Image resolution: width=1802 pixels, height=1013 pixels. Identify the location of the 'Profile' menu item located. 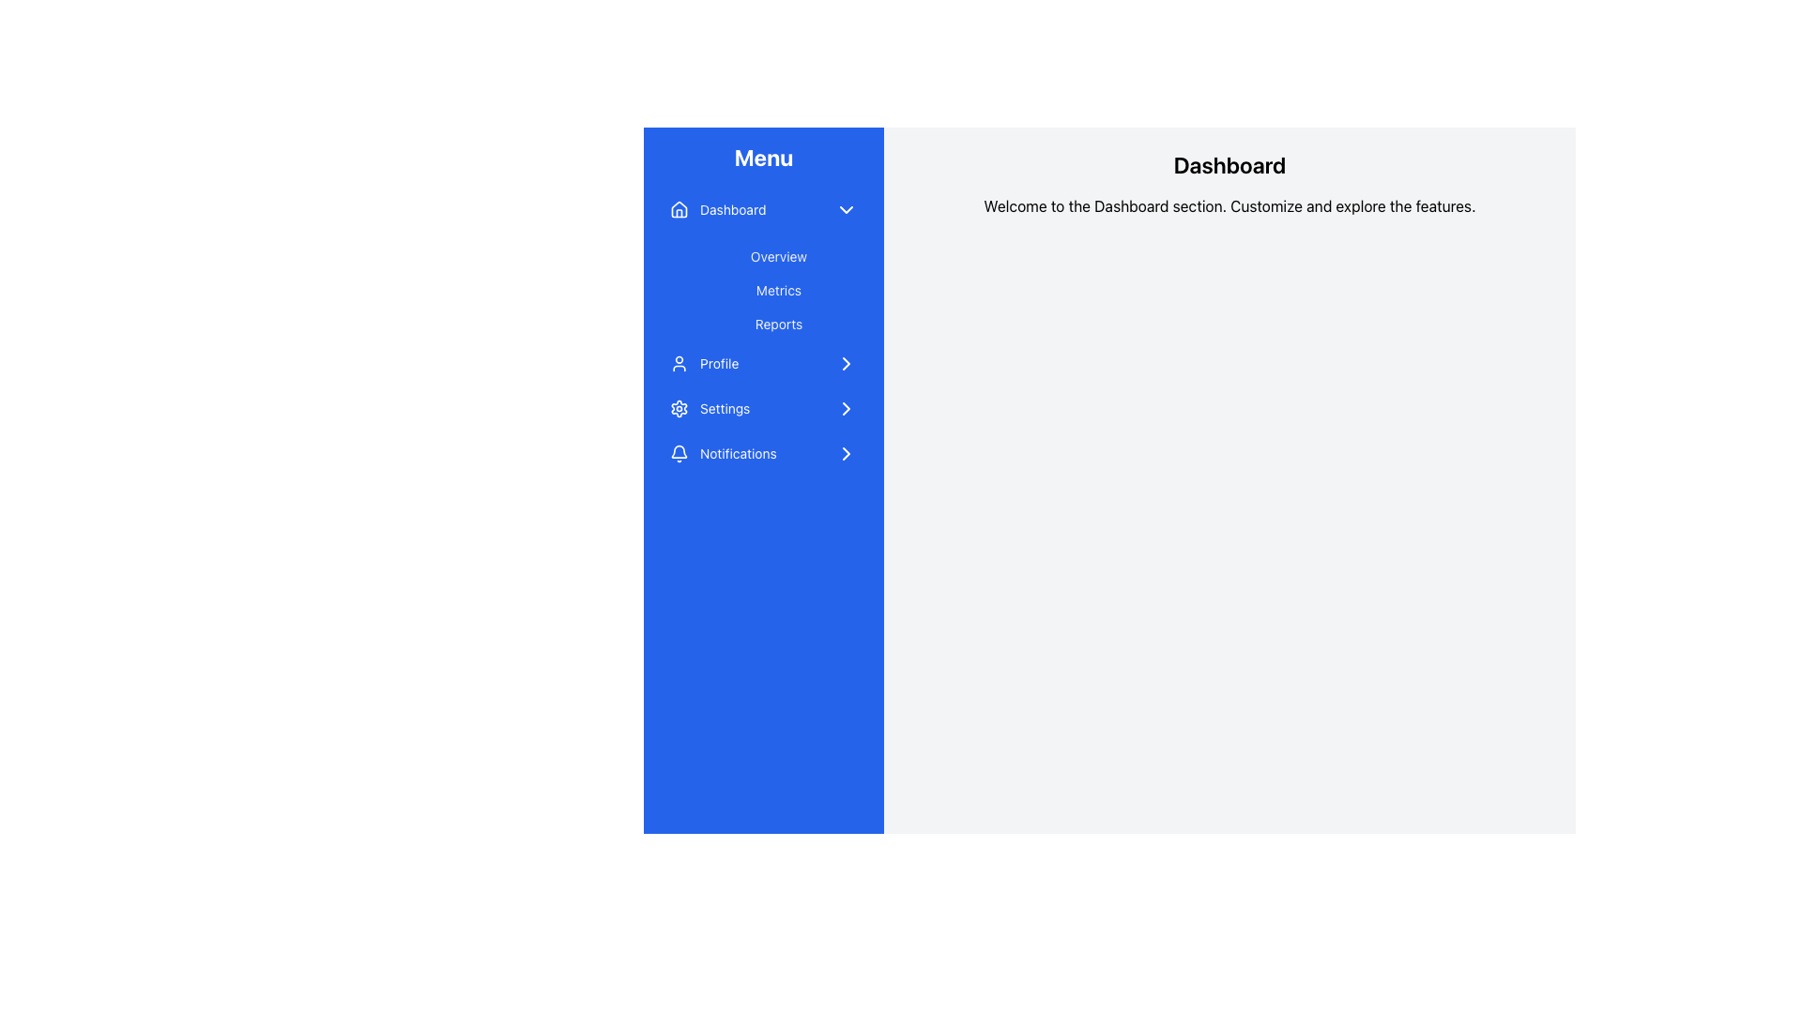
(764, 364).